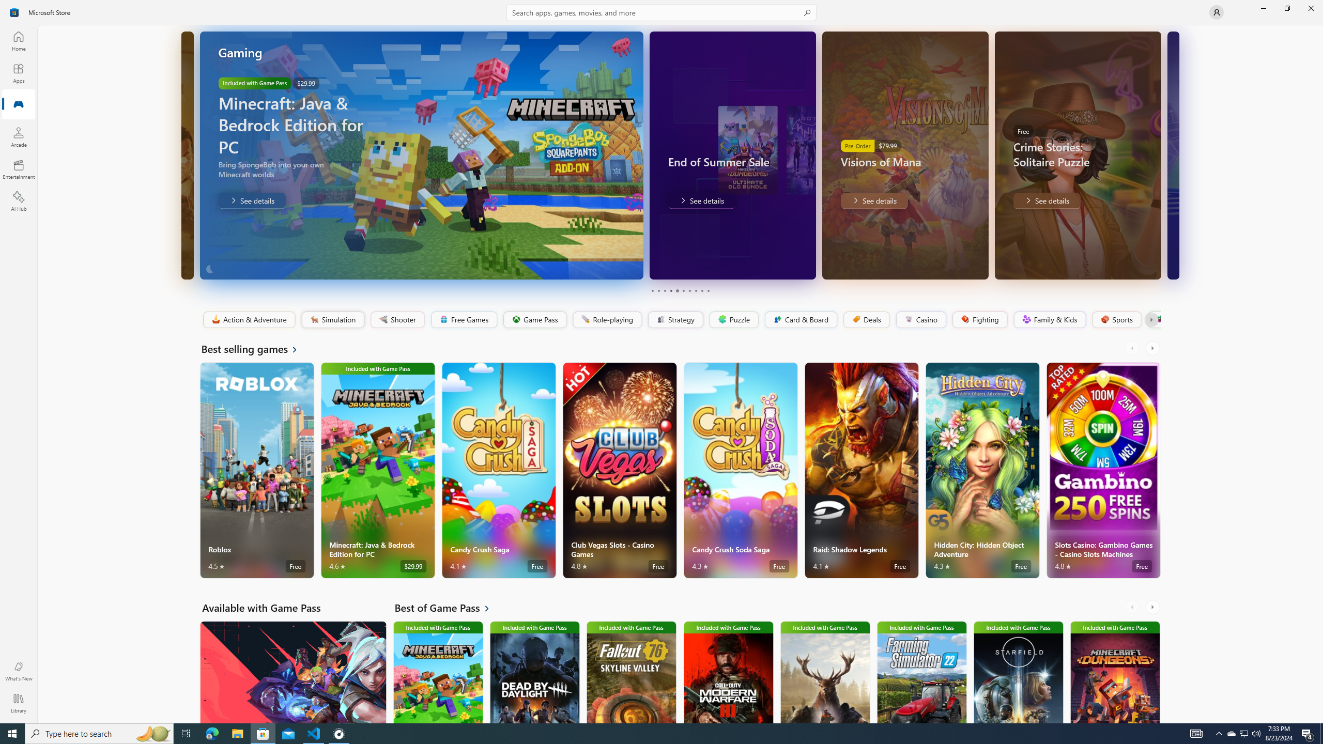 Image resolution: width=1323 pixels, height=744 pixels. Describe the element at coordinates (920, 319) in the screenshot. I see `'Casino'` at that location.